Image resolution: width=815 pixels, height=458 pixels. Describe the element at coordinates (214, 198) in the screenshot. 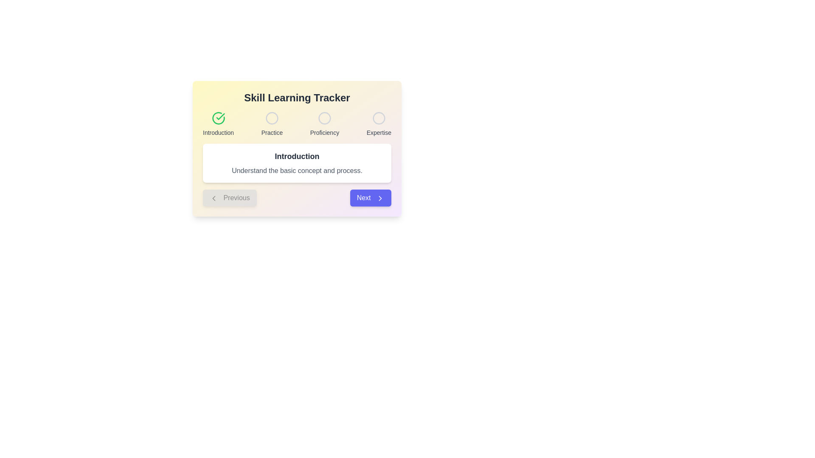

I see `the 'Previous' button which includes the left-facing arrow icon and is located in the bottom-left section of the card` at that location.